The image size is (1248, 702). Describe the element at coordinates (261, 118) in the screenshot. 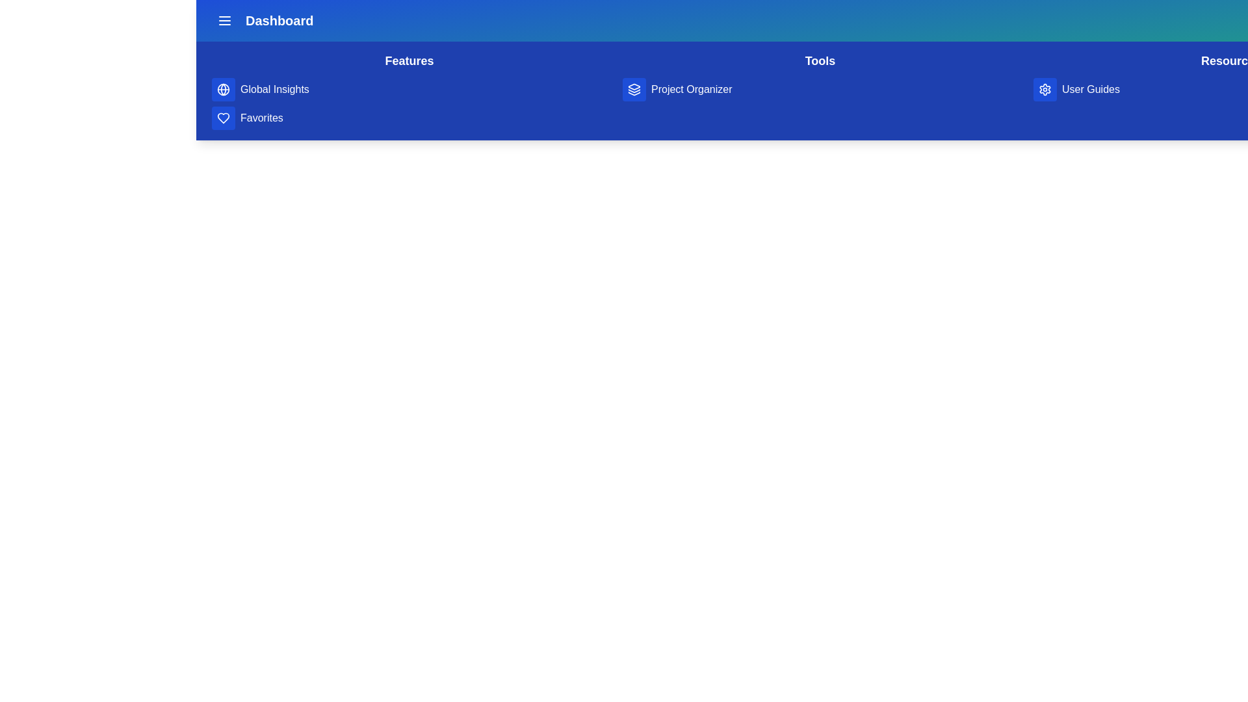

I see `the text label that identifies the section for user-defined favorite items, located beneath the 'Global Insights' section` at that location.